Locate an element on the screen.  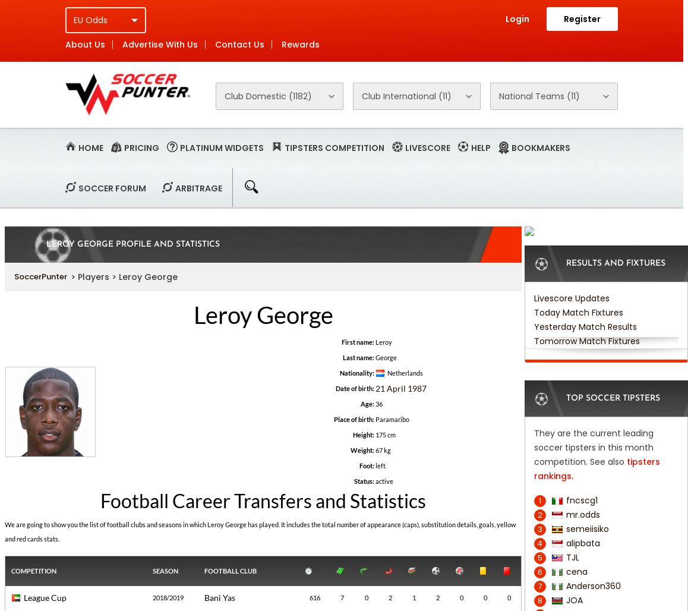
'Results and Fixtures' is located at coordinates (564, 263).